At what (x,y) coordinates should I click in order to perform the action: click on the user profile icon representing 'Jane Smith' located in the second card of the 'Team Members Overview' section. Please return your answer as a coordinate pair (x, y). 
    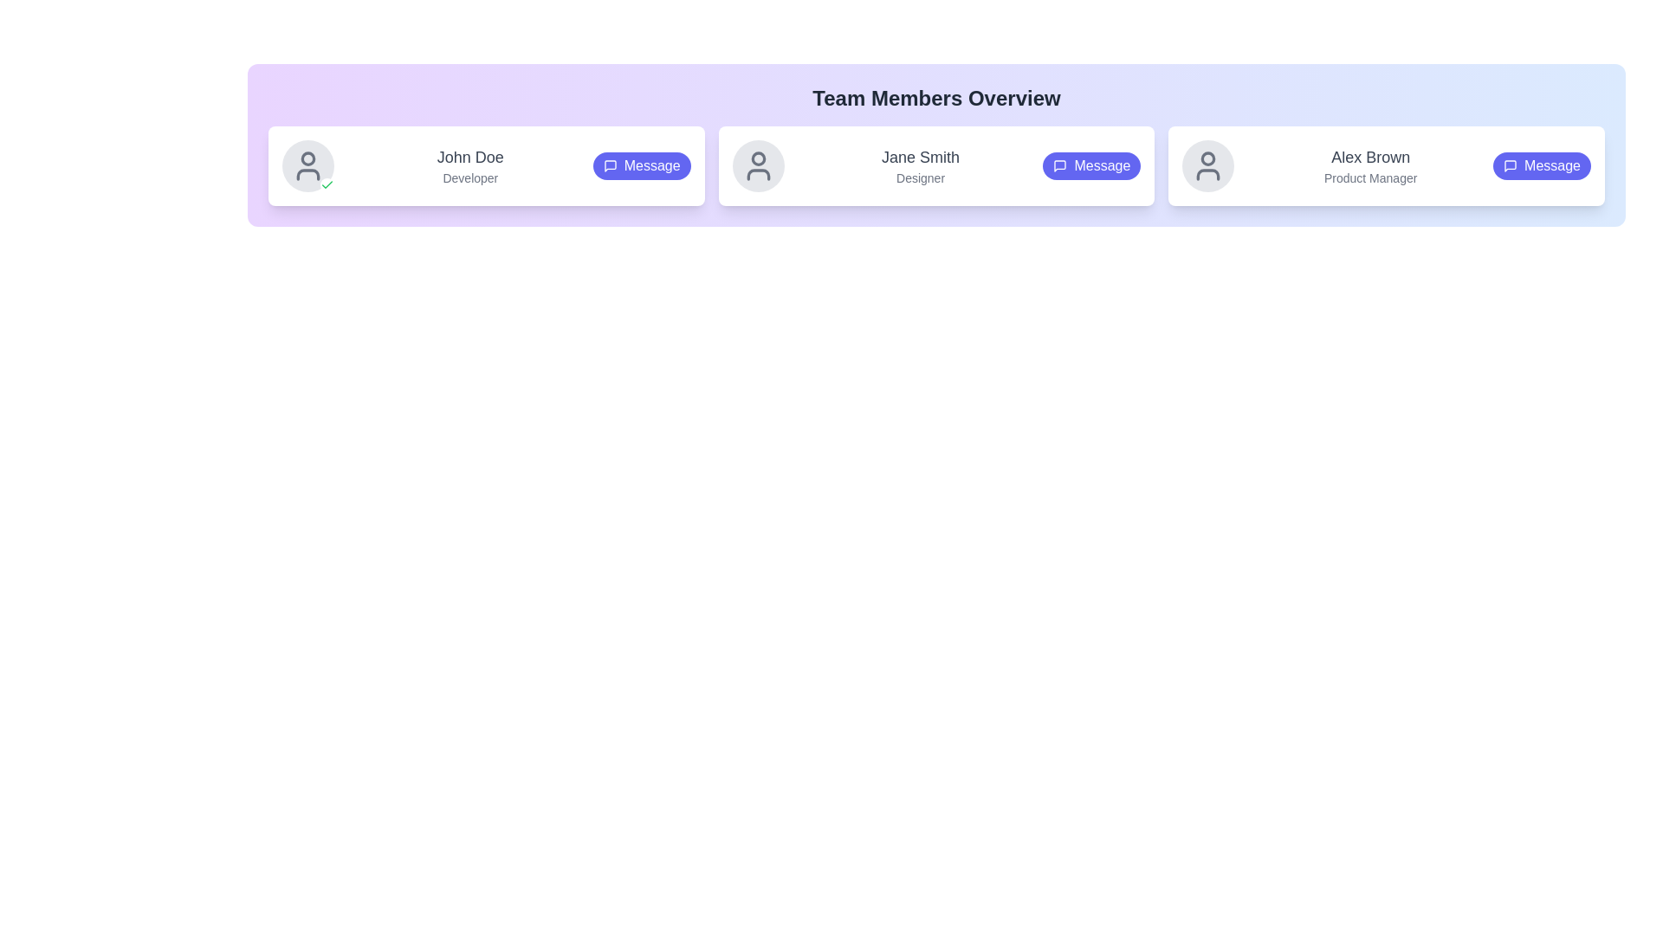
    Looking at the image, I should click on (758, 166).